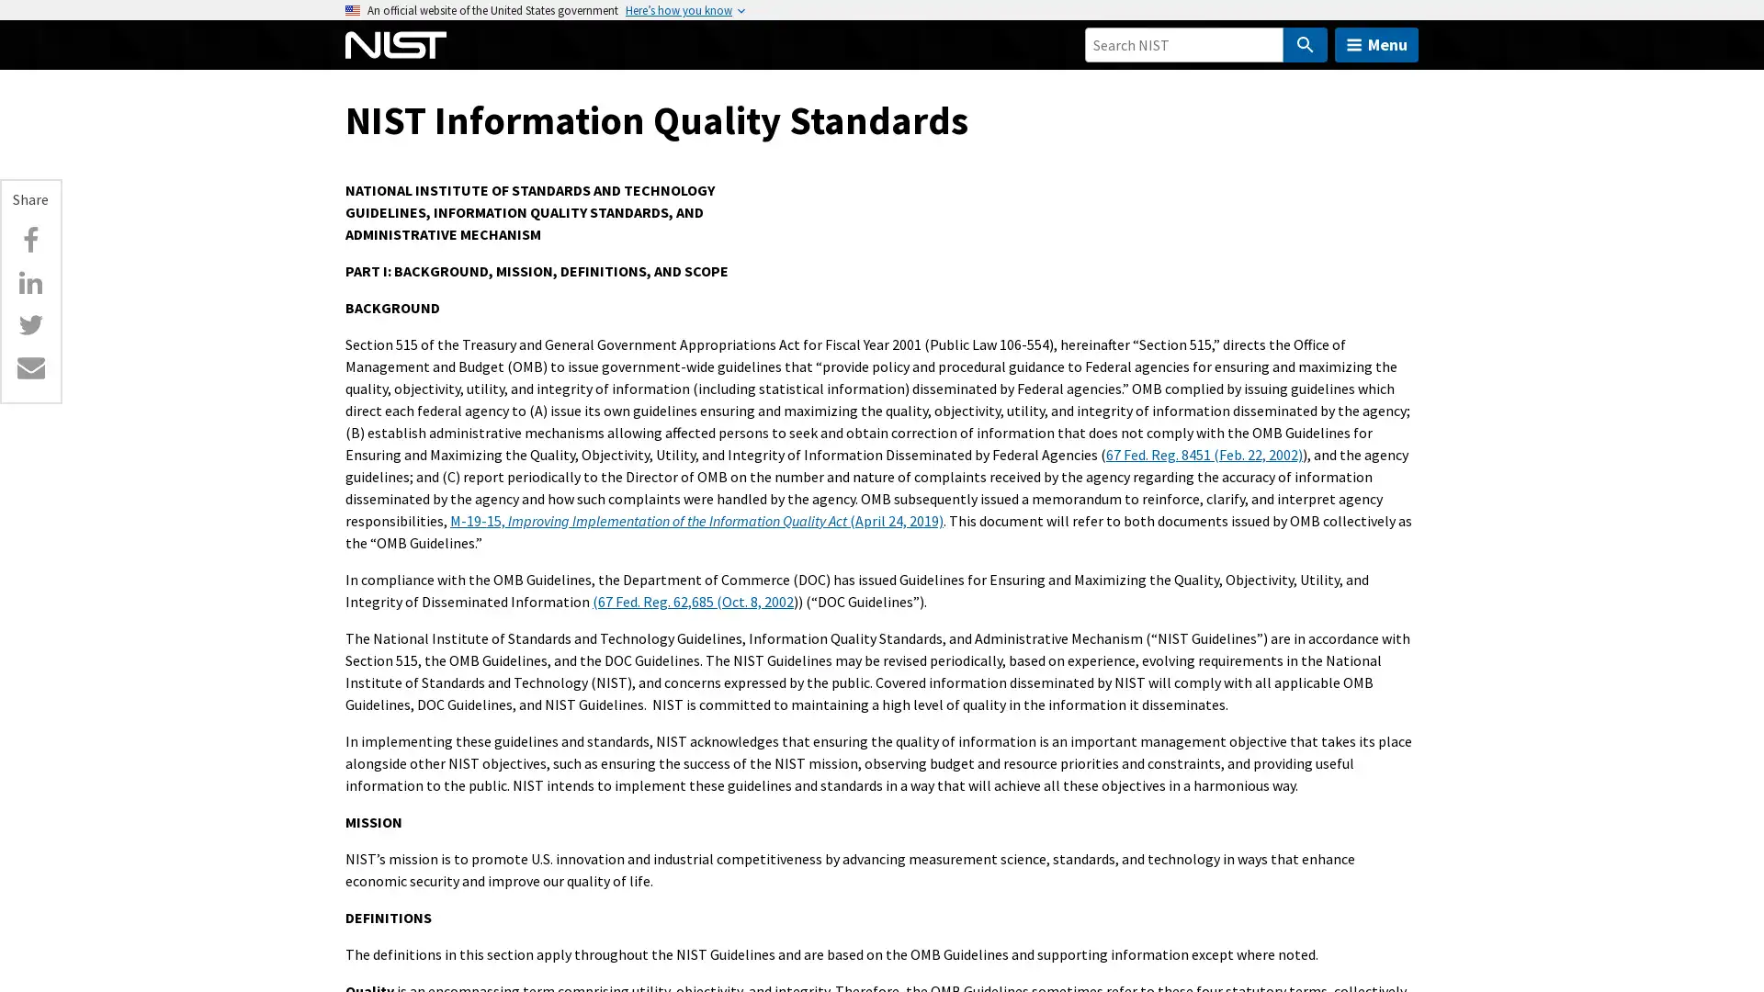 The width and height of the screenshot is (1764, 992). Describe the element at coordinates (1376, 44) in the screenshot. I see `Menu` at that location.